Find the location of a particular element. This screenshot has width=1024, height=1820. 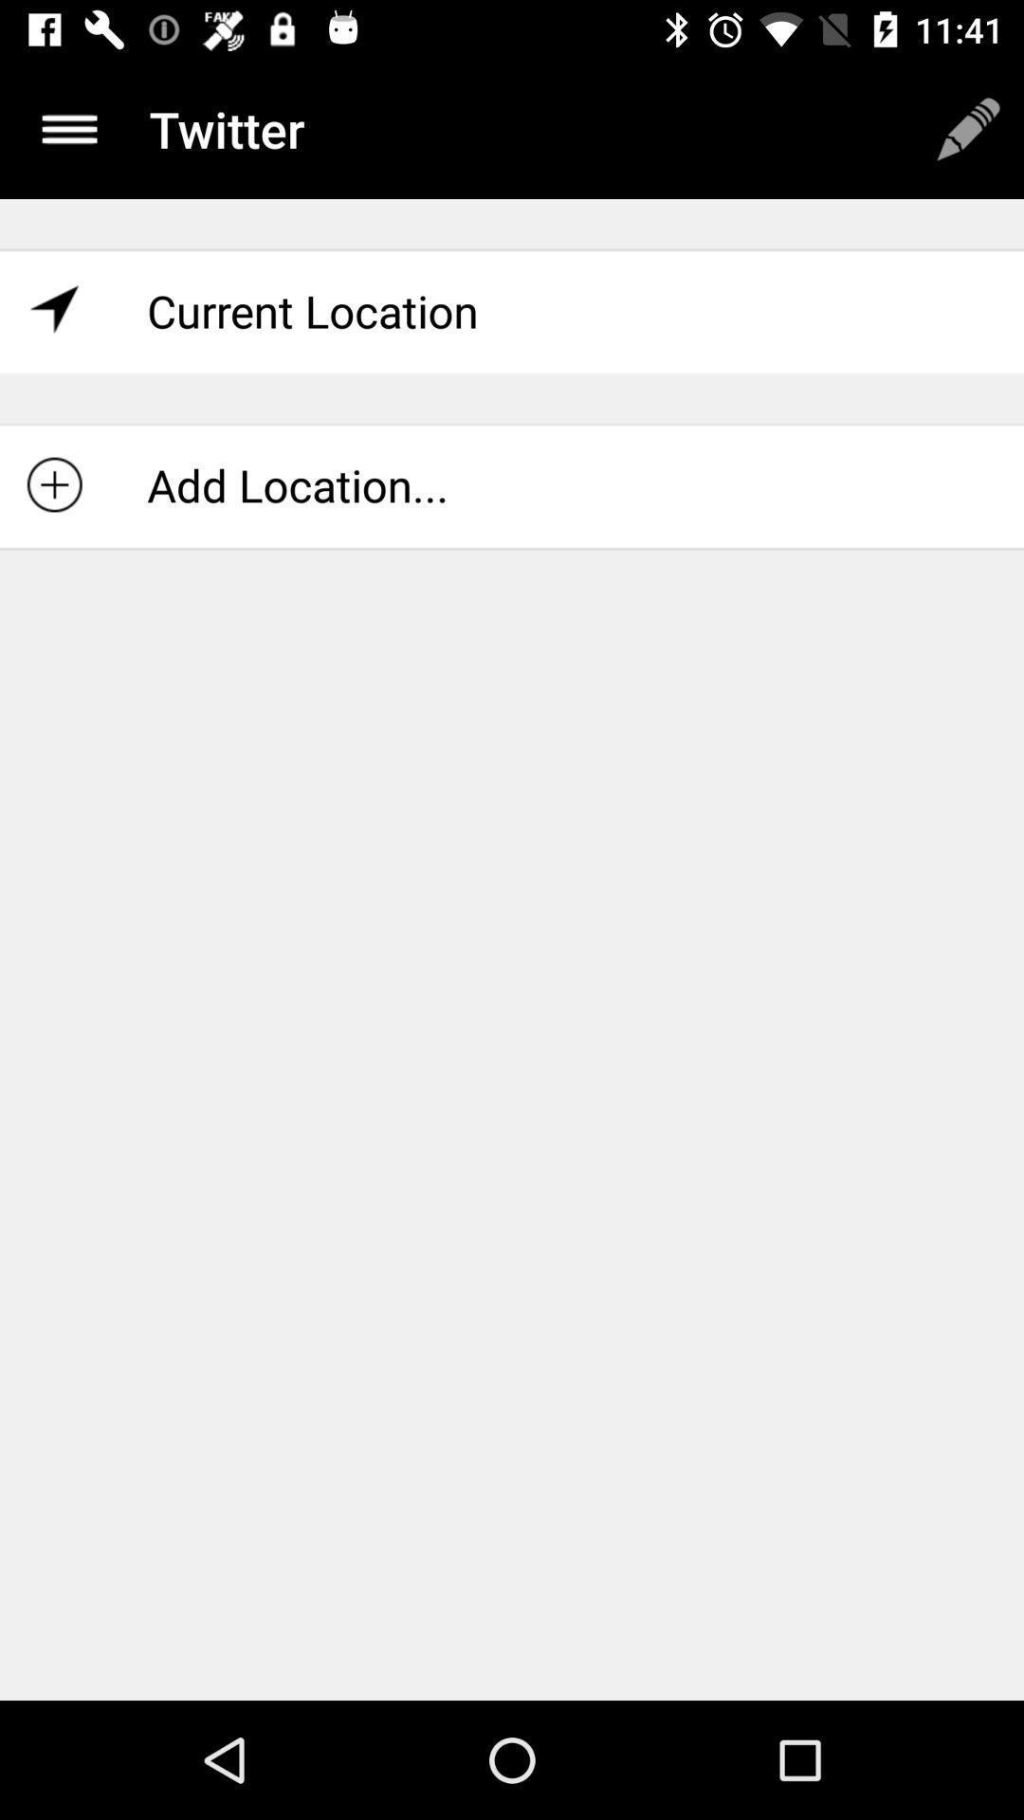

the icon above the current location item is located at coordinates (68, 128).